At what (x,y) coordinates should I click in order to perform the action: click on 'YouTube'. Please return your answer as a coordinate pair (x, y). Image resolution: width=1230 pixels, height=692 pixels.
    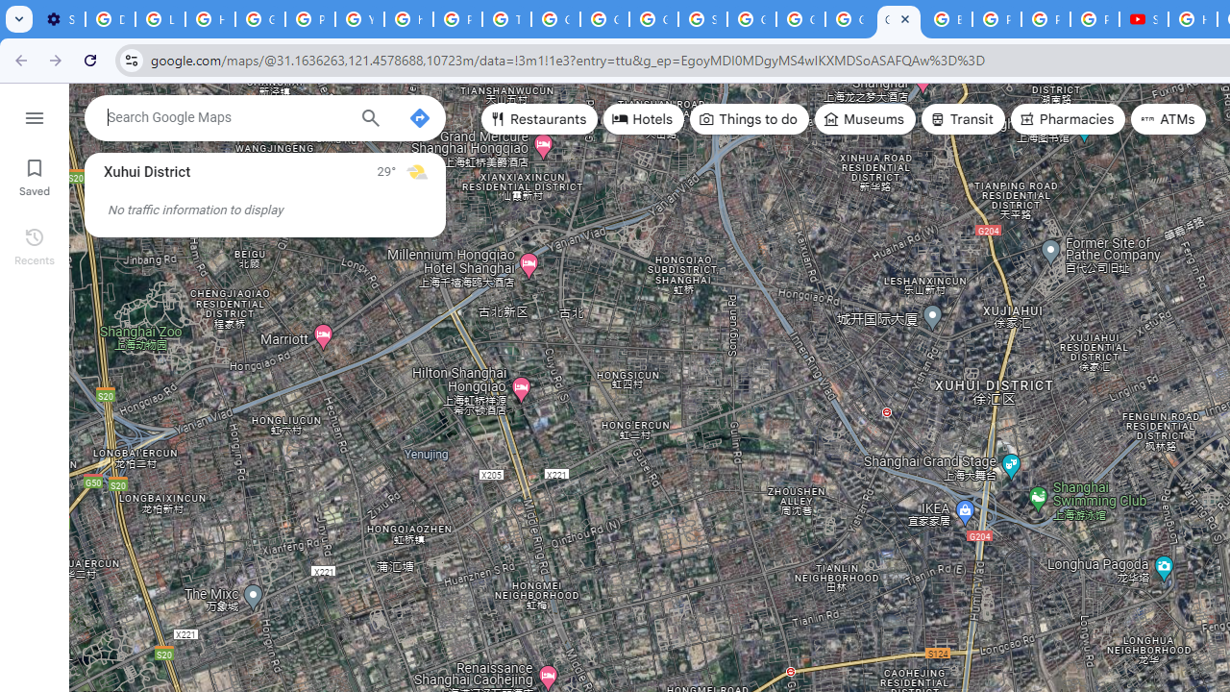
    Looking at the image, I should click on (360, 19).